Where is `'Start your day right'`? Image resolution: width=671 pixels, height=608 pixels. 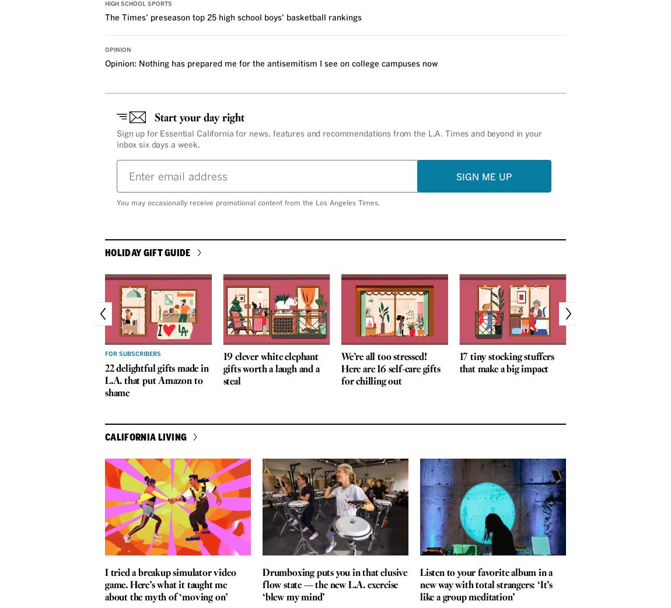 'Start your day right' is located at coordinates (200, 117).